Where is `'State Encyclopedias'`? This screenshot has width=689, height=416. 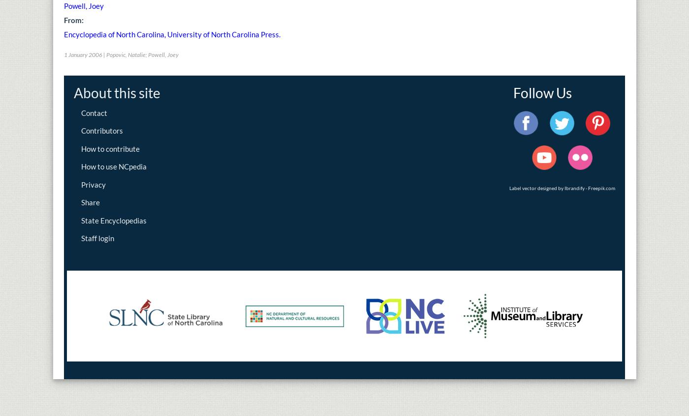
'State Encyclopedias' is located at coordinates (114, 220).